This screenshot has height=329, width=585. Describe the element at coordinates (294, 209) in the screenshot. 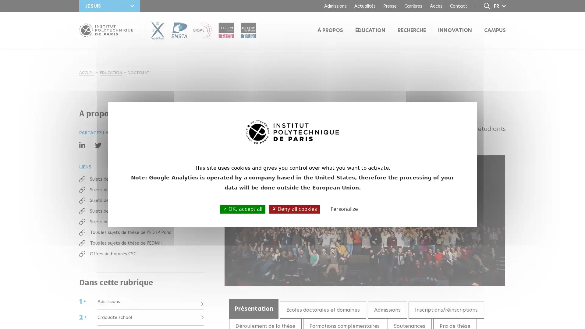

I see `Deny all cookies` at that location.